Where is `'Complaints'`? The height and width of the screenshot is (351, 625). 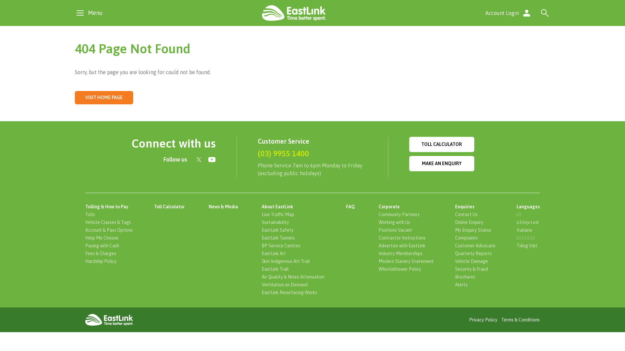
'Complaints' is located at coordinates (469, 238).